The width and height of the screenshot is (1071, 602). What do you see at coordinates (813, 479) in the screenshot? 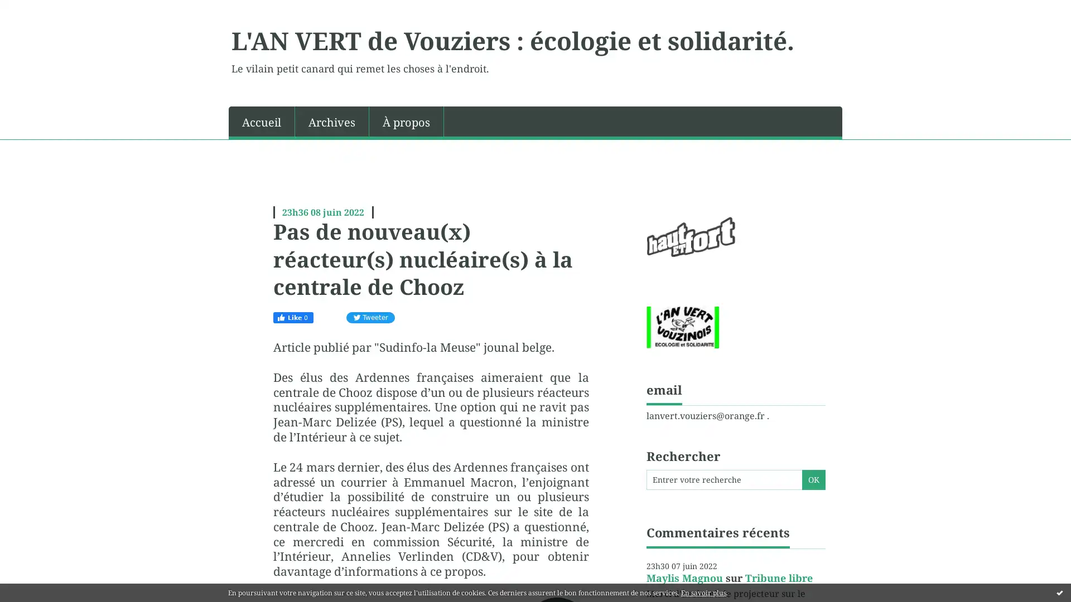
I see `OK` at bounding box center [813, 479].